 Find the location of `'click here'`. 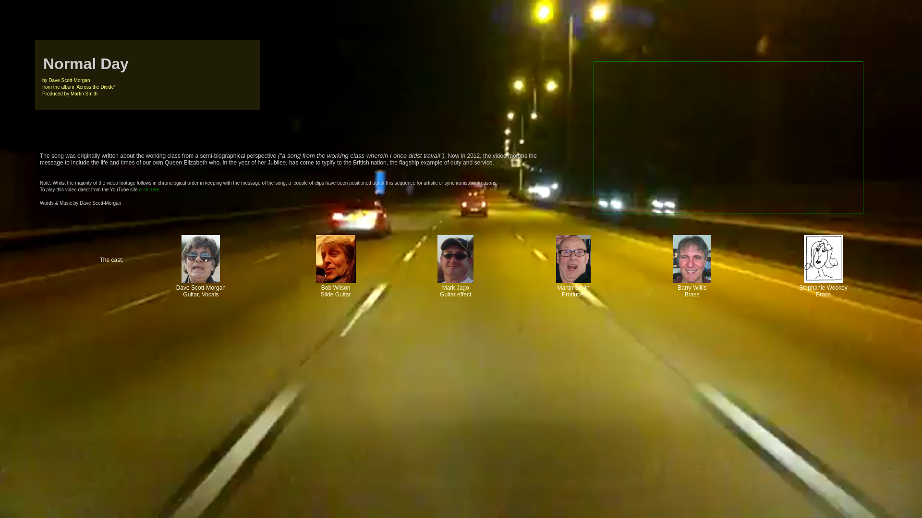

'click here' is located at coordinates (148, 189).